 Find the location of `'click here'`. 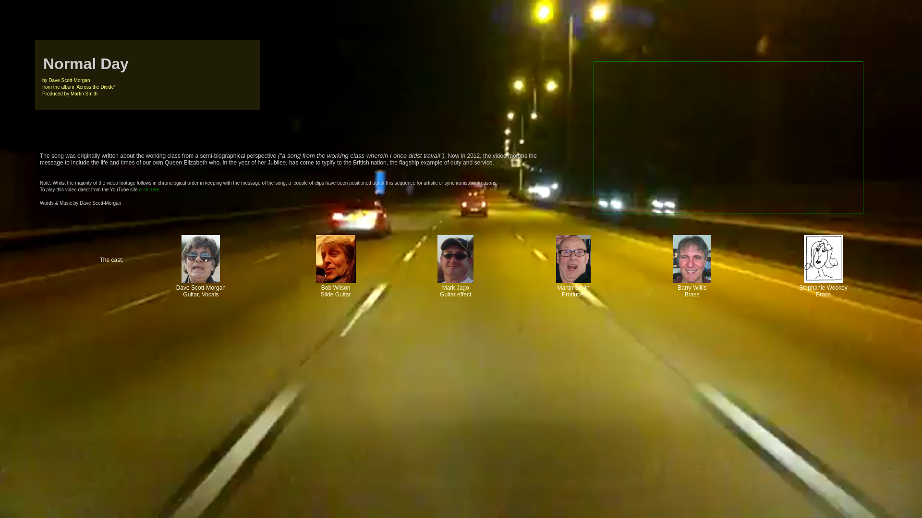

'click here' is located at coordinates (148, 189).